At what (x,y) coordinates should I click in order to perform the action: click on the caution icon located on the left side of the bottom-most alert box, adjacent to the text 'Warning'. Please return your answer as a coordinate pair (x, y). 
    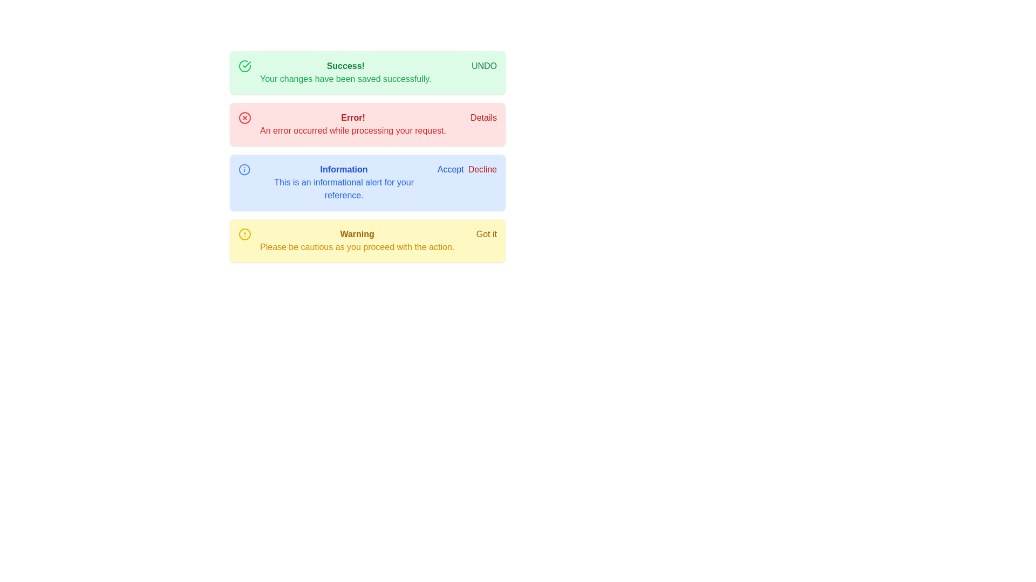
    Looking at the image, I should click on (244, 234).